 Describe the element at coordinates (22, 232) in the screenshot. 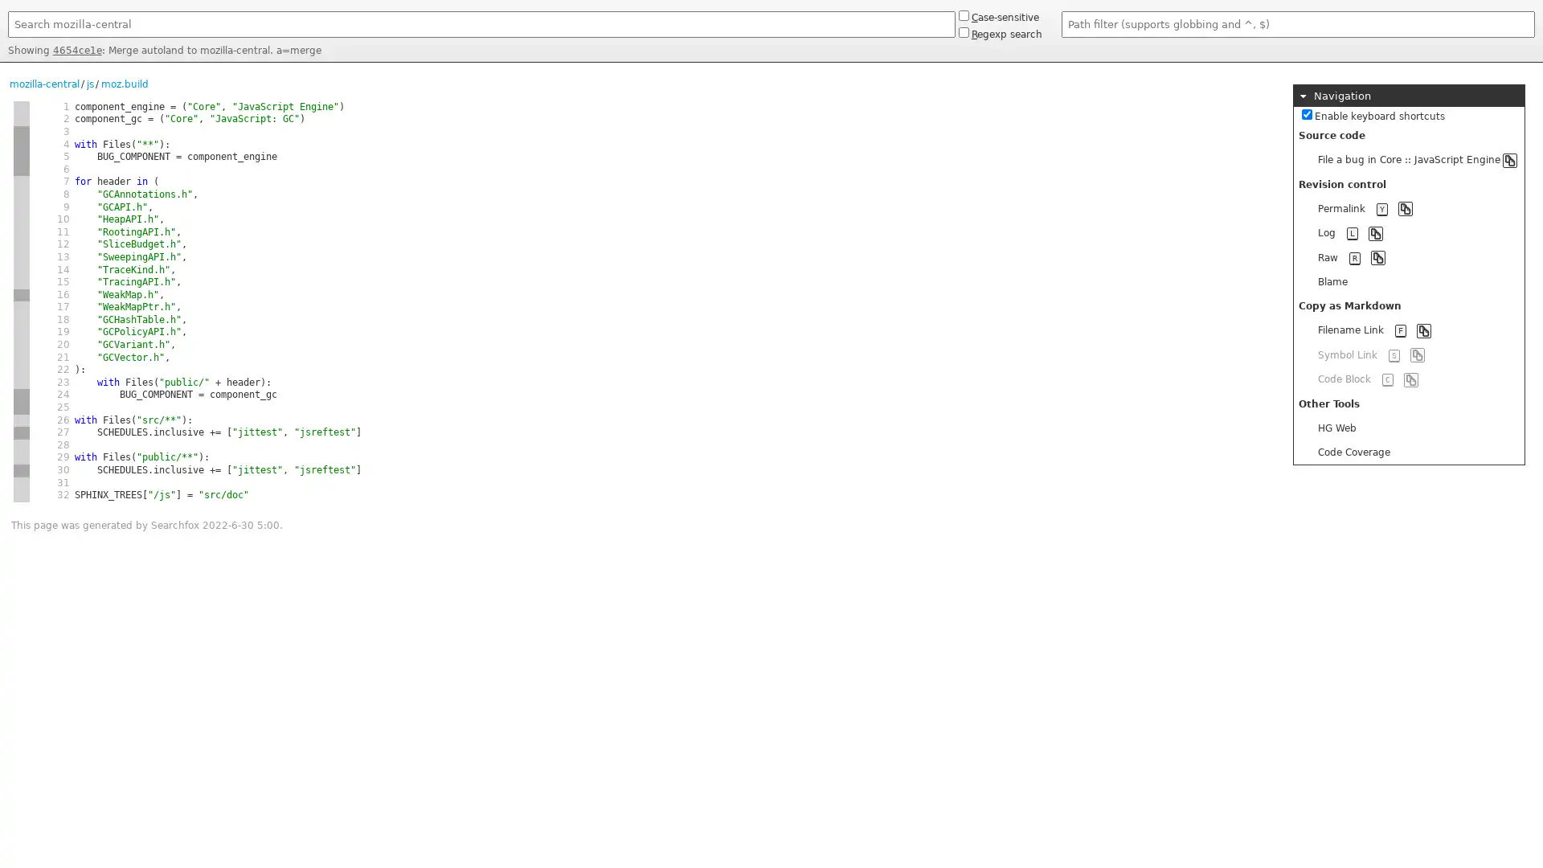

I see `same hash 1` at that location.